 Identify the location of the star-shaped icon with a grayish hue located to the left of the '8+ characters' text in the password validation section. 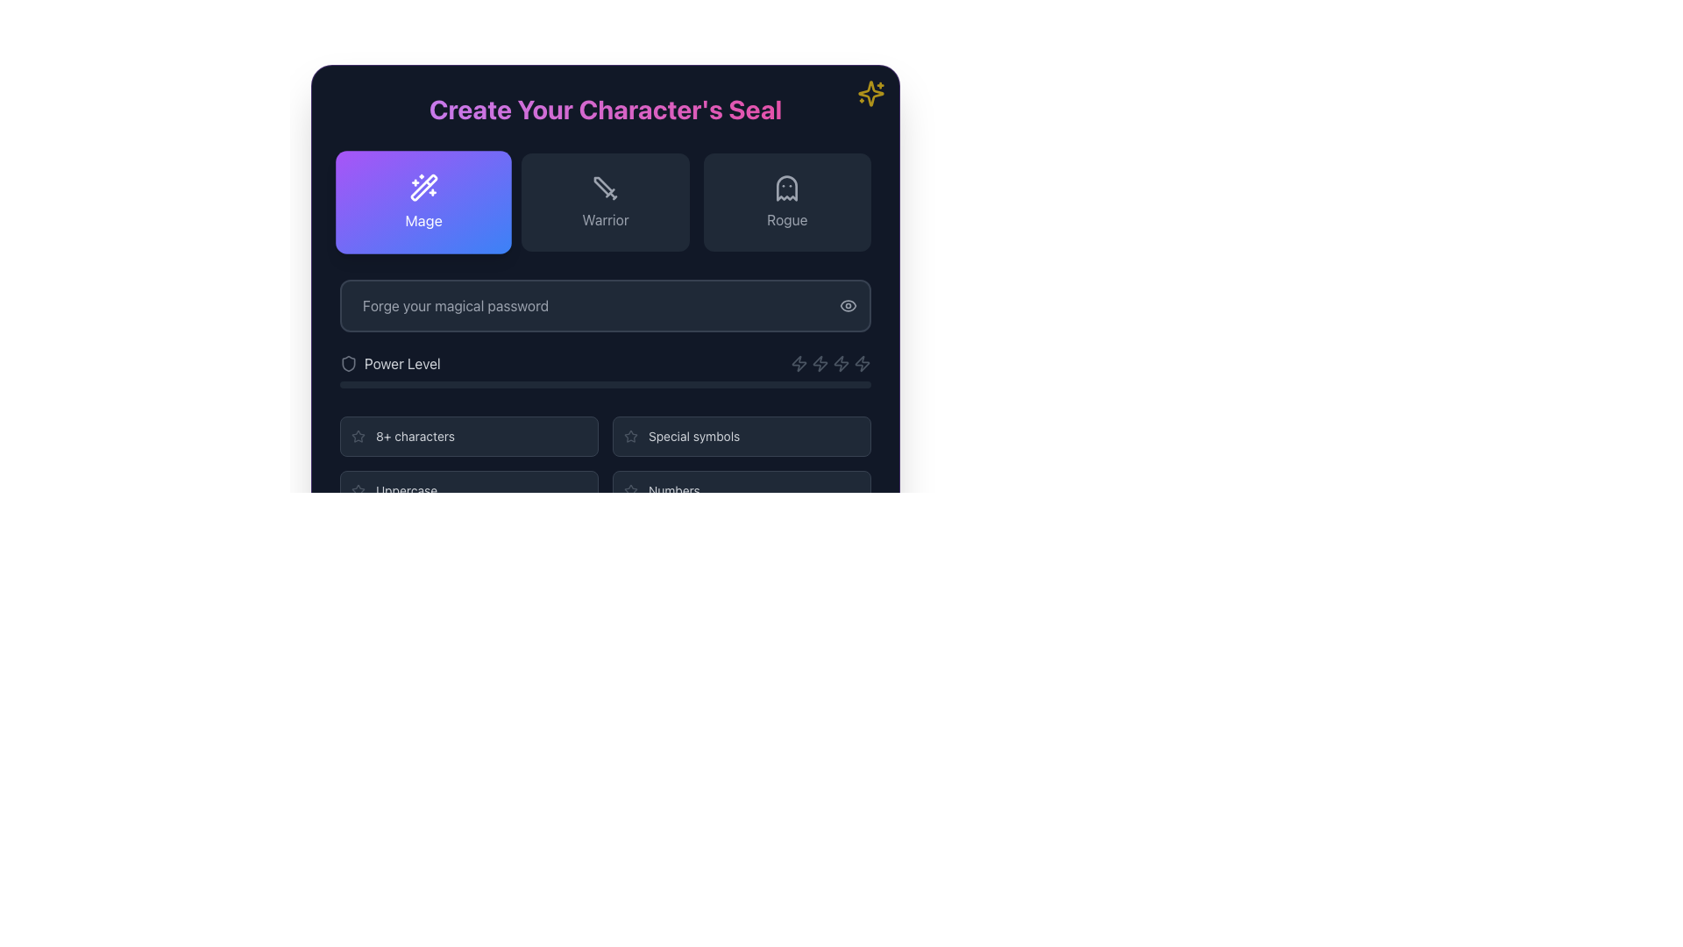
(357, 435).